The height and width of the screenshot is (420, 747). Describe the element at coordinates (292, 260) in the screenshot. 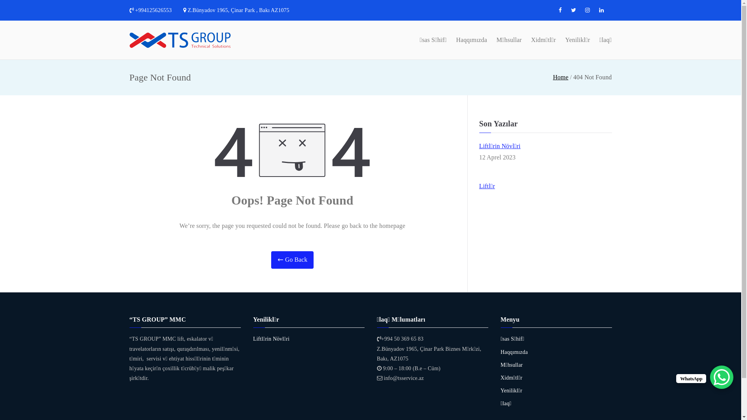

I see `'Go Back'` at that location.